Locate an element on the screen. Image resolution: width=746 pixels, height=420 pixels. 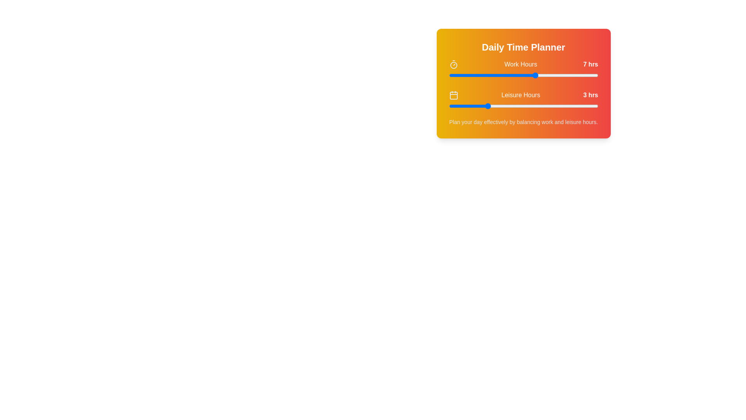
the 'Work Hours' text label, which is styled with a medium font weight and located within a horizontal layout group, near the top of the card is located at coordinates (521, 64).